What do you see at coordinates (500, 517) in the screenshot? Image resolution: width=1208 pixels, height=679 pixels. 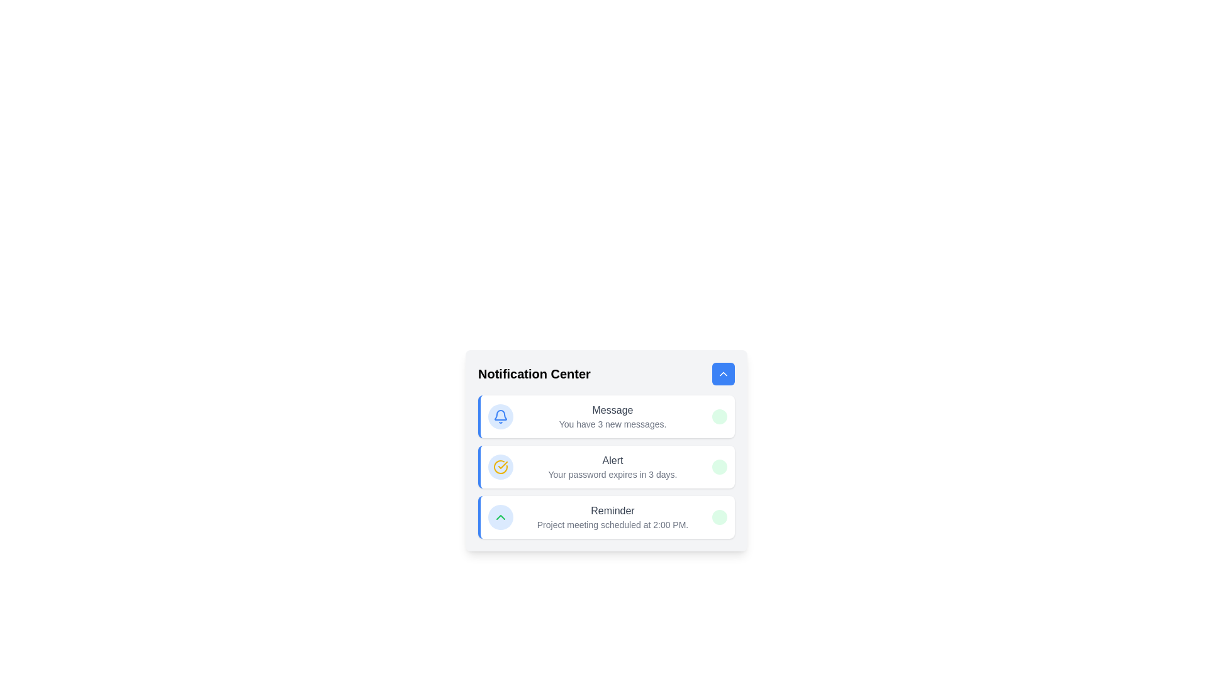 I see `the green upward-pointing chevron icon button located in the top-right corner of the notification widget interface to change its visual state` at bounding box center [500, 517].